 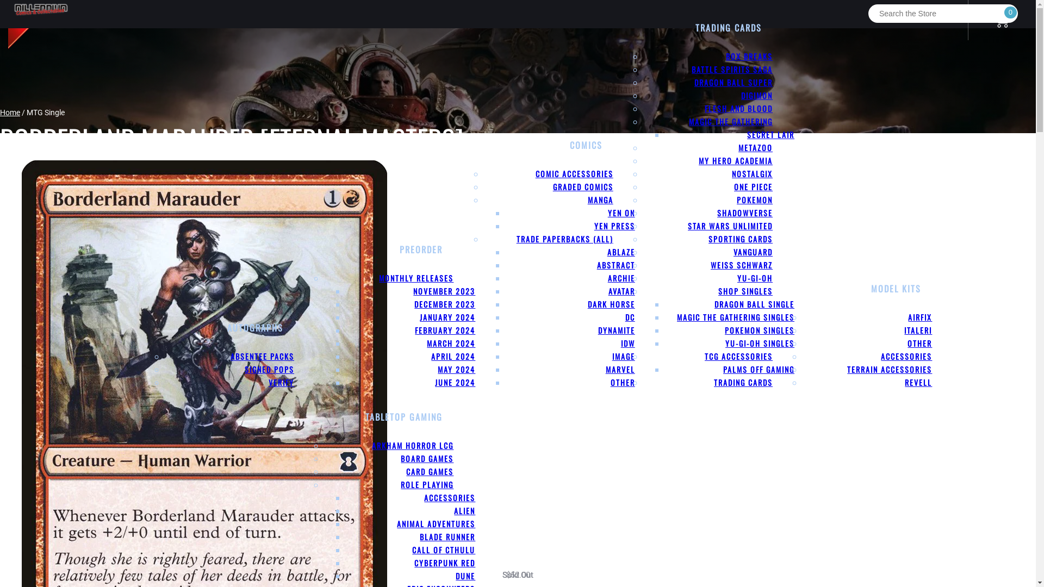 What do you see at coordinates (732, 69) in the screenshot?
I see `'BATTLE SPIRITS SAGA'` at bounding box center [732, 69].